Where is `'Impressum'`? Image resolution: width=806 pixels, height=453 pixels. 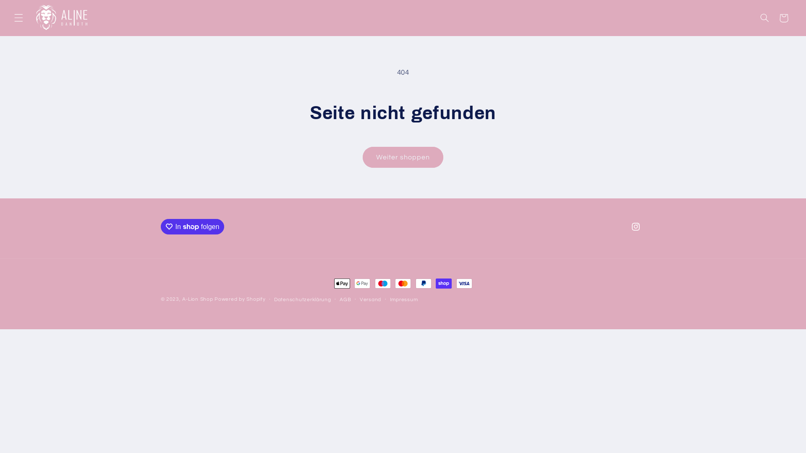 'Impressum' is located at coordinates (404, 299).